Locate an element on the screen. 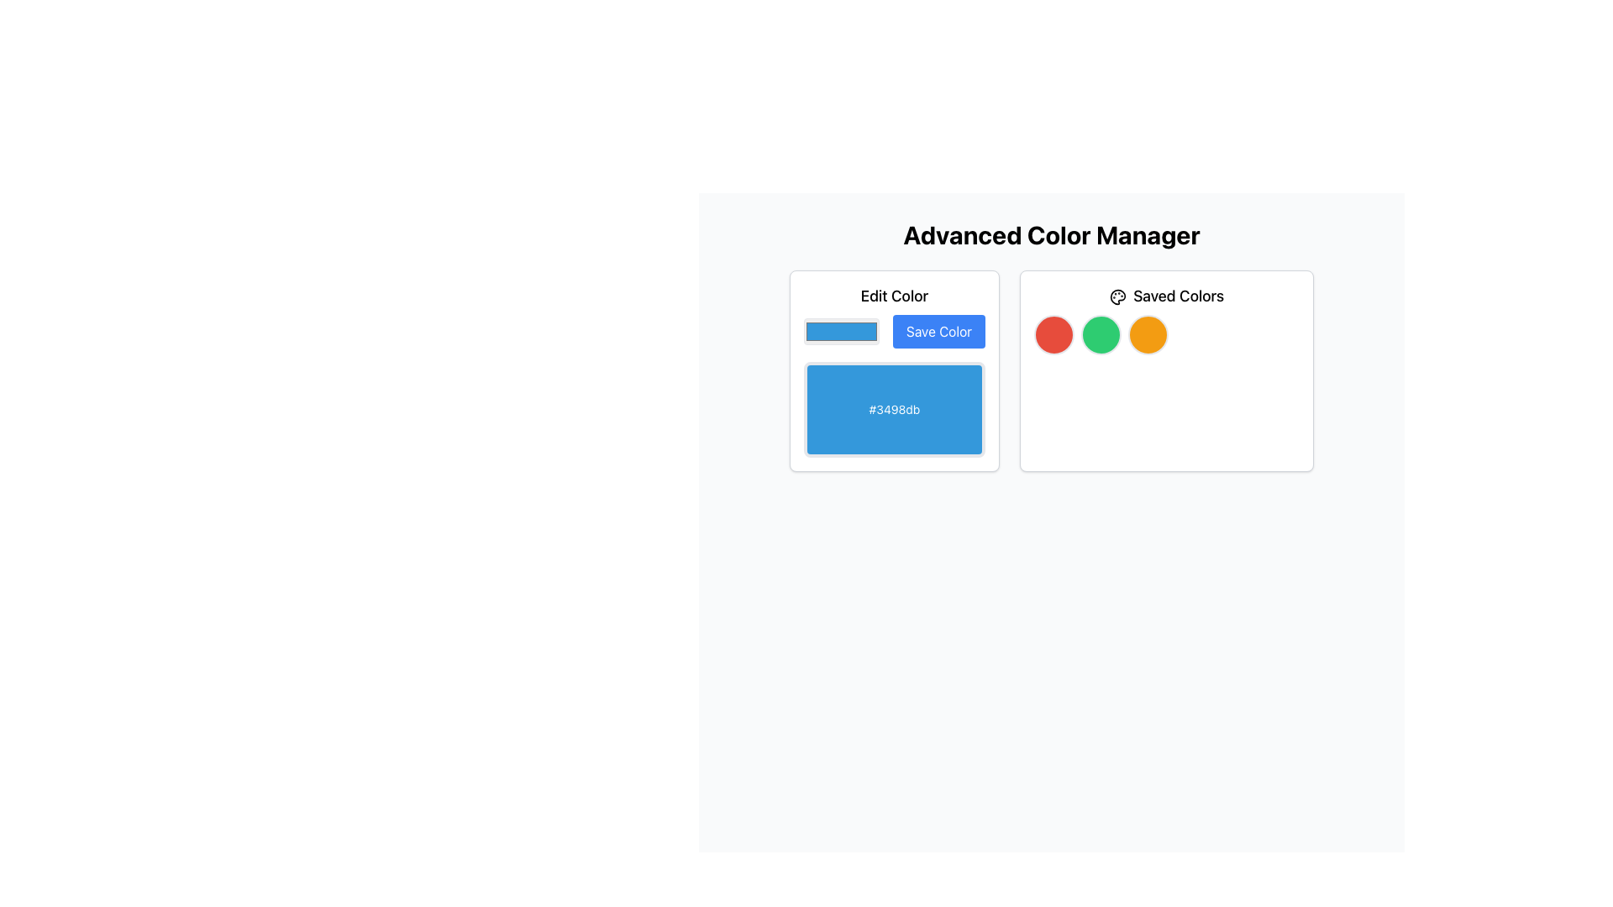  the first Circle indicator in the 'Saved Colors' section is located at coordinates (1053, 334).